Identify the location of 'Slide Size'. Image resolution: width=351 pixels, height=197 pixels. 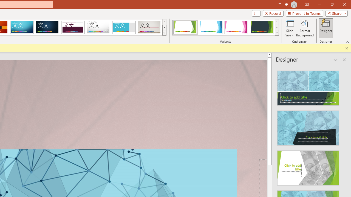
(289, 28).